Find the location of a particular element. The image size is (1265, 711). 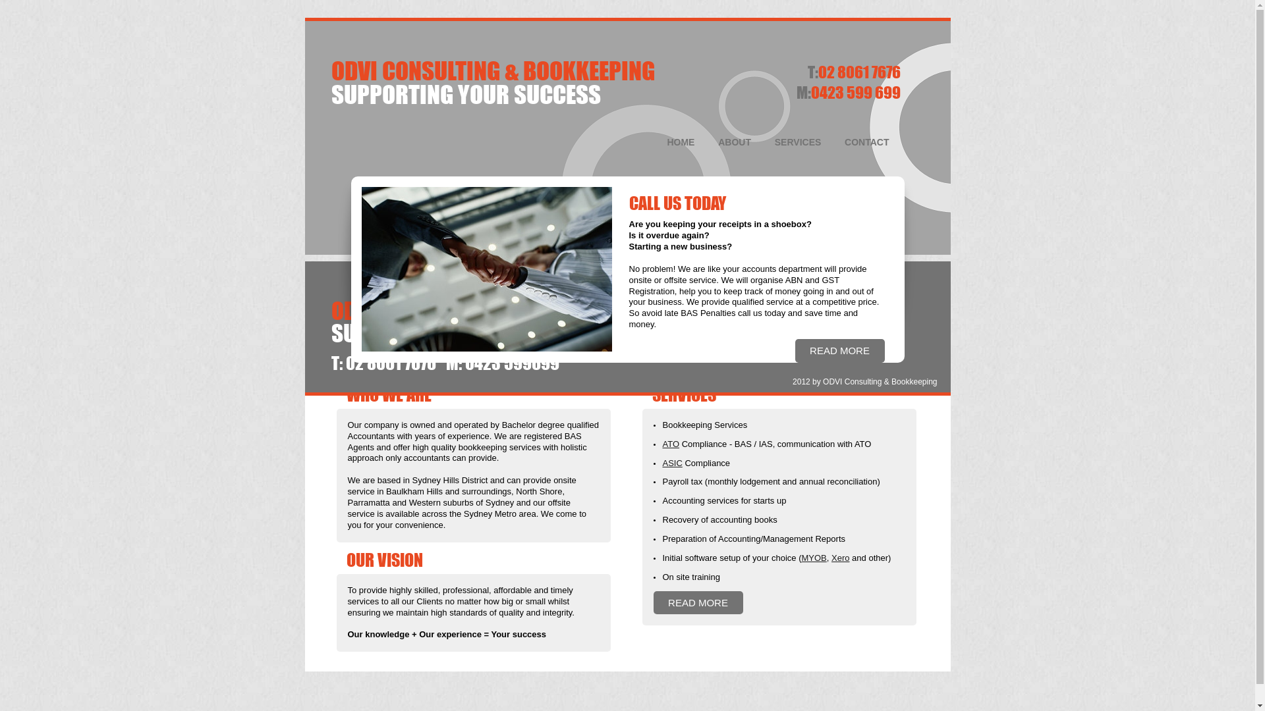

'MYOB' is located at coordinates (812, 558).